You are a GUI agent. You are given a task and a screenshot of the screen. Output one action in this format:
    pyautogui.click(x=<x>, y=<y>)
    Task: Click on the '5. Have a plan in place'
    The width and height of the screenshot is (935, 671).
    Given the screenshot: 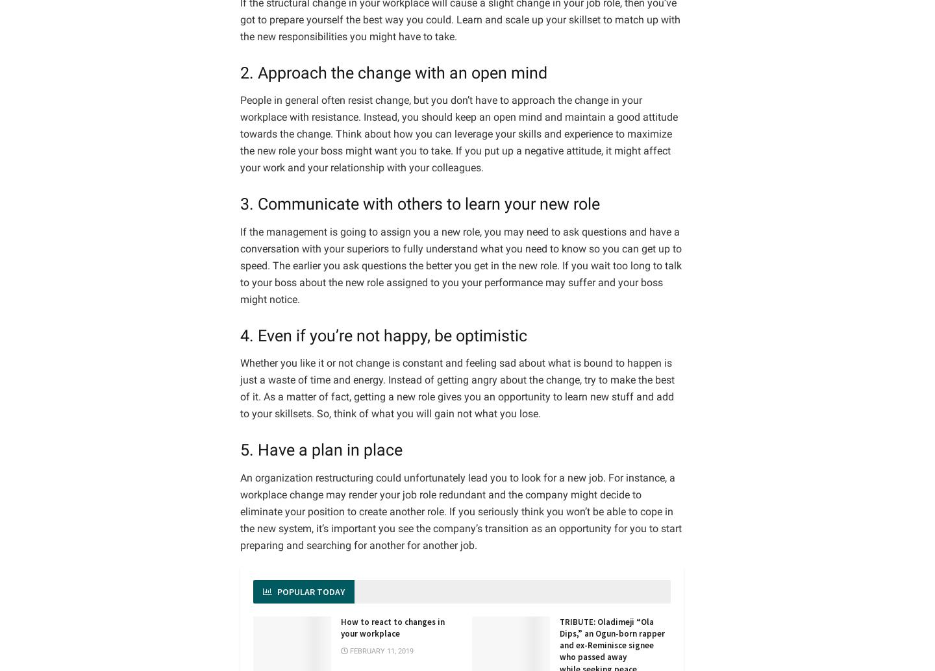 What is the action you would take?
    pyautogui.click(x=239, y=450)
    